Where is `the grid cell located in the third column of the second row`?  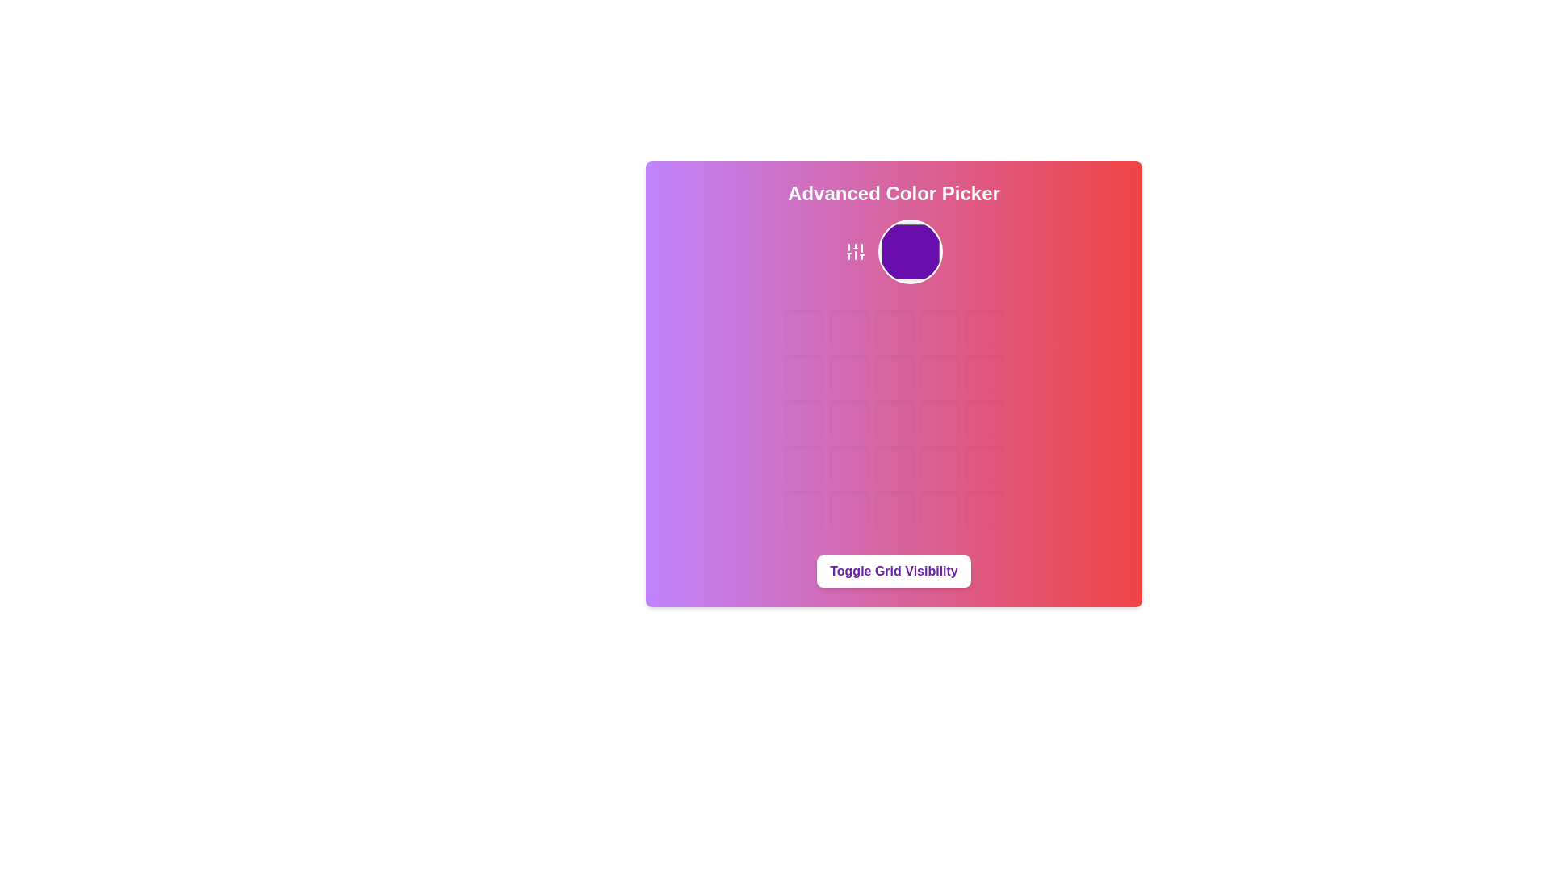 the grid cell located in the third column of the second row is located at coordinates (893, 374).